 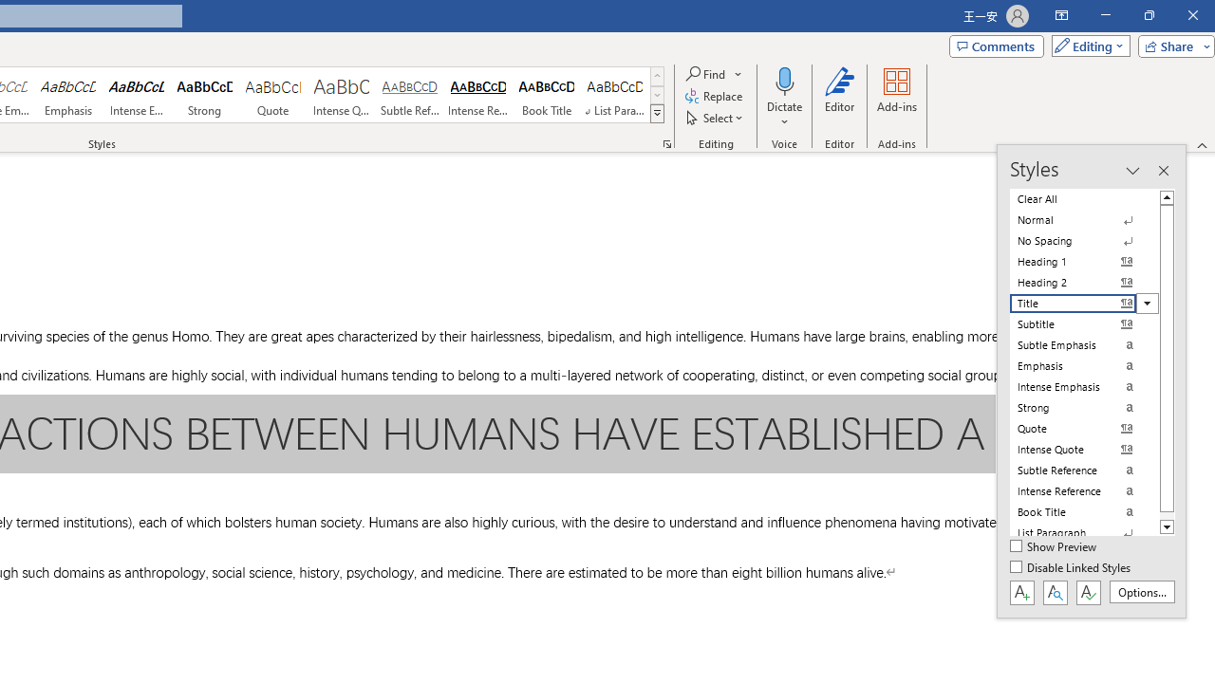 I want to click on 'Disable Linked Styles', so click(x=1072, y=567).